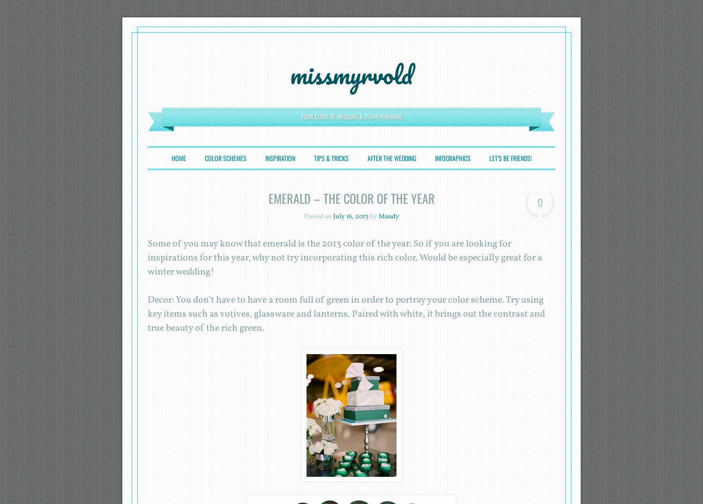  What do you see at coordinates (346, 313) in the screenshot?
I see `'Decor: You don’t have to have a room full of green in order to portray your color scheme. Try using key items such as votives, glassware and lanterns. Paired with white, it brings out the contrast and true beauty of the rich green.'` at bounding box center [346, 313].